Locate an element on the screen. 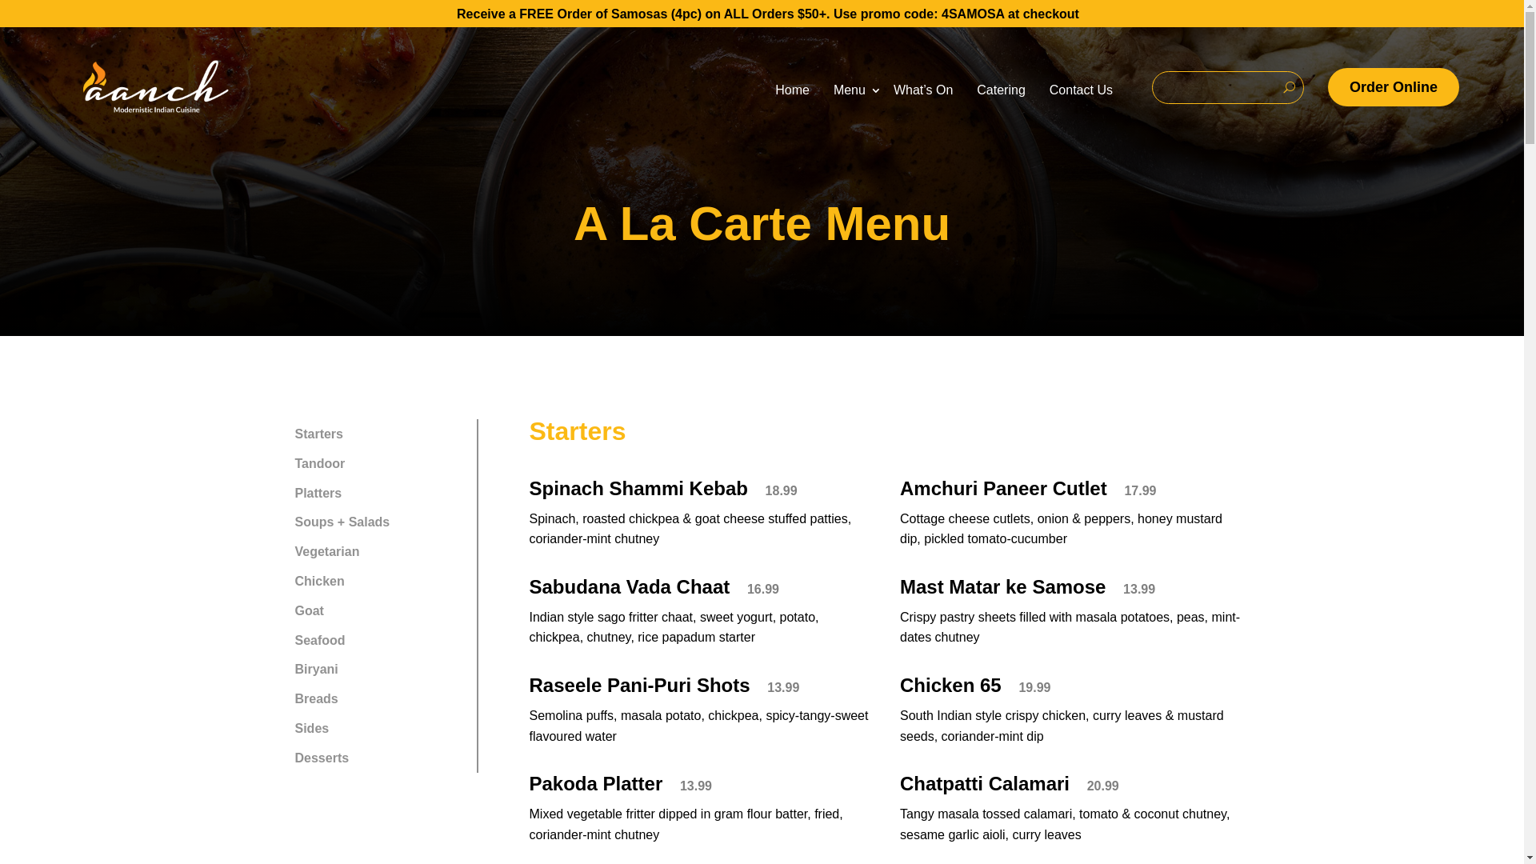 This screenshot has width=1536, height=864. 'Tandoor' is located at coordinates (281, 463).